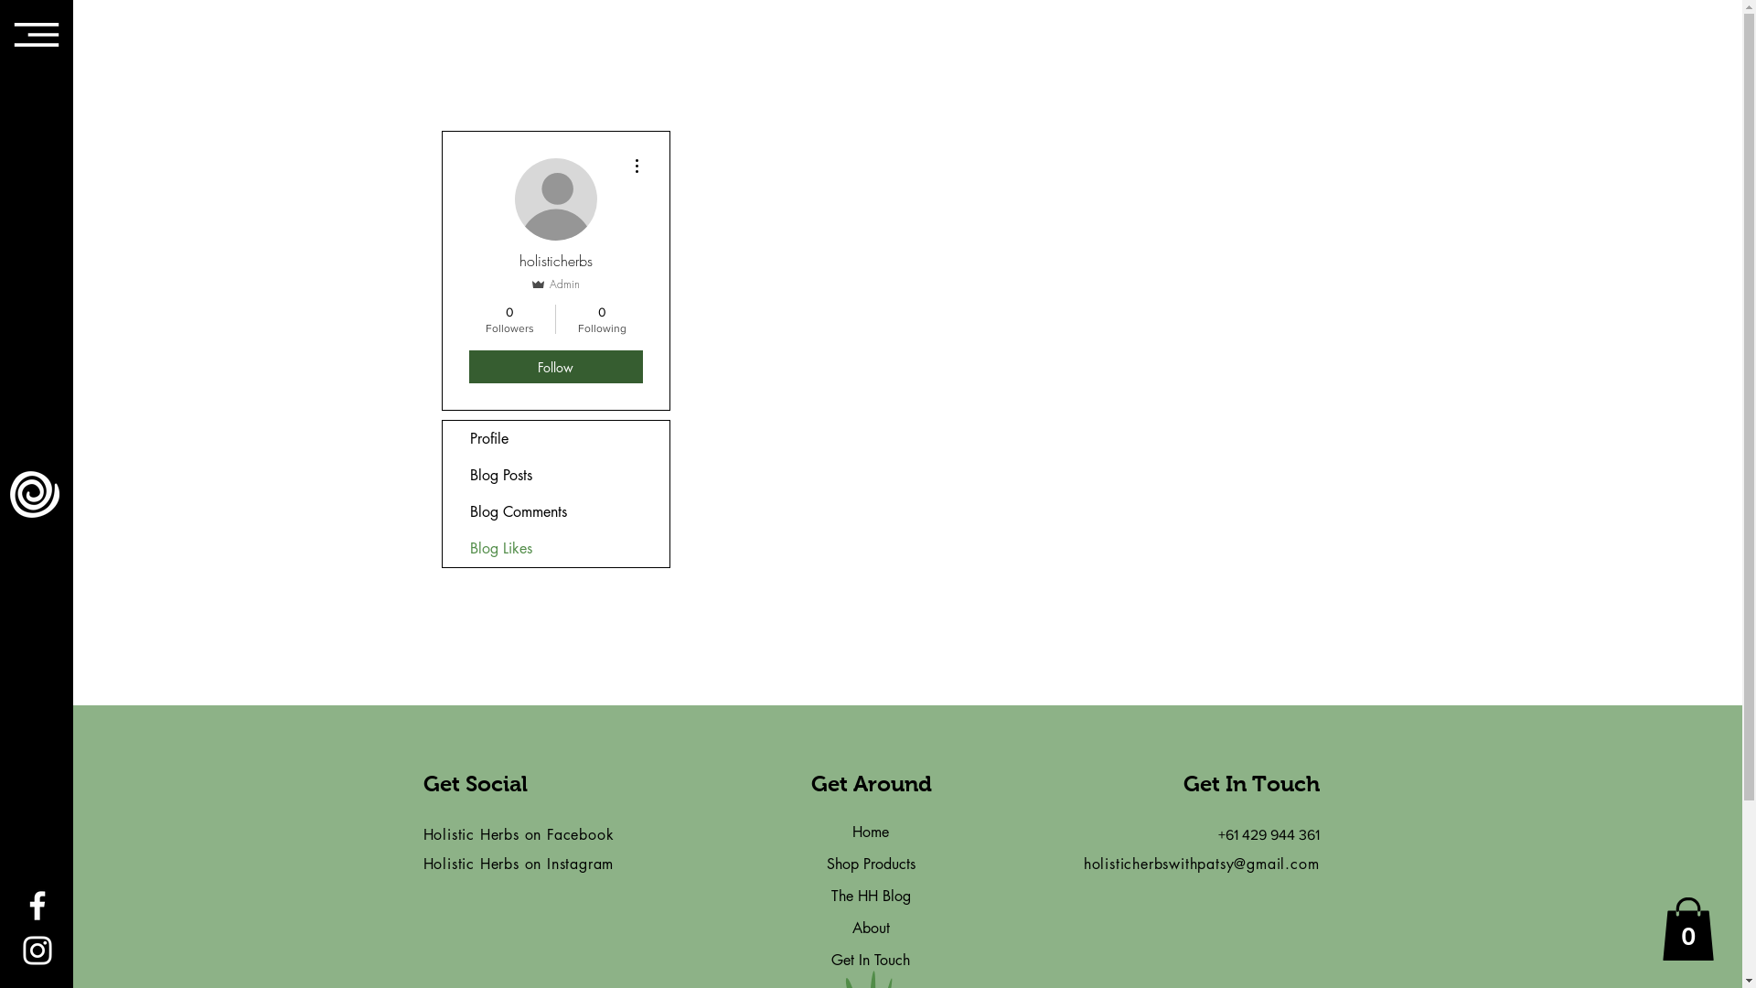  What do you see at coordinates (509, 317) in the screenshot?
I see `'0` at bounding box center [509, 317].